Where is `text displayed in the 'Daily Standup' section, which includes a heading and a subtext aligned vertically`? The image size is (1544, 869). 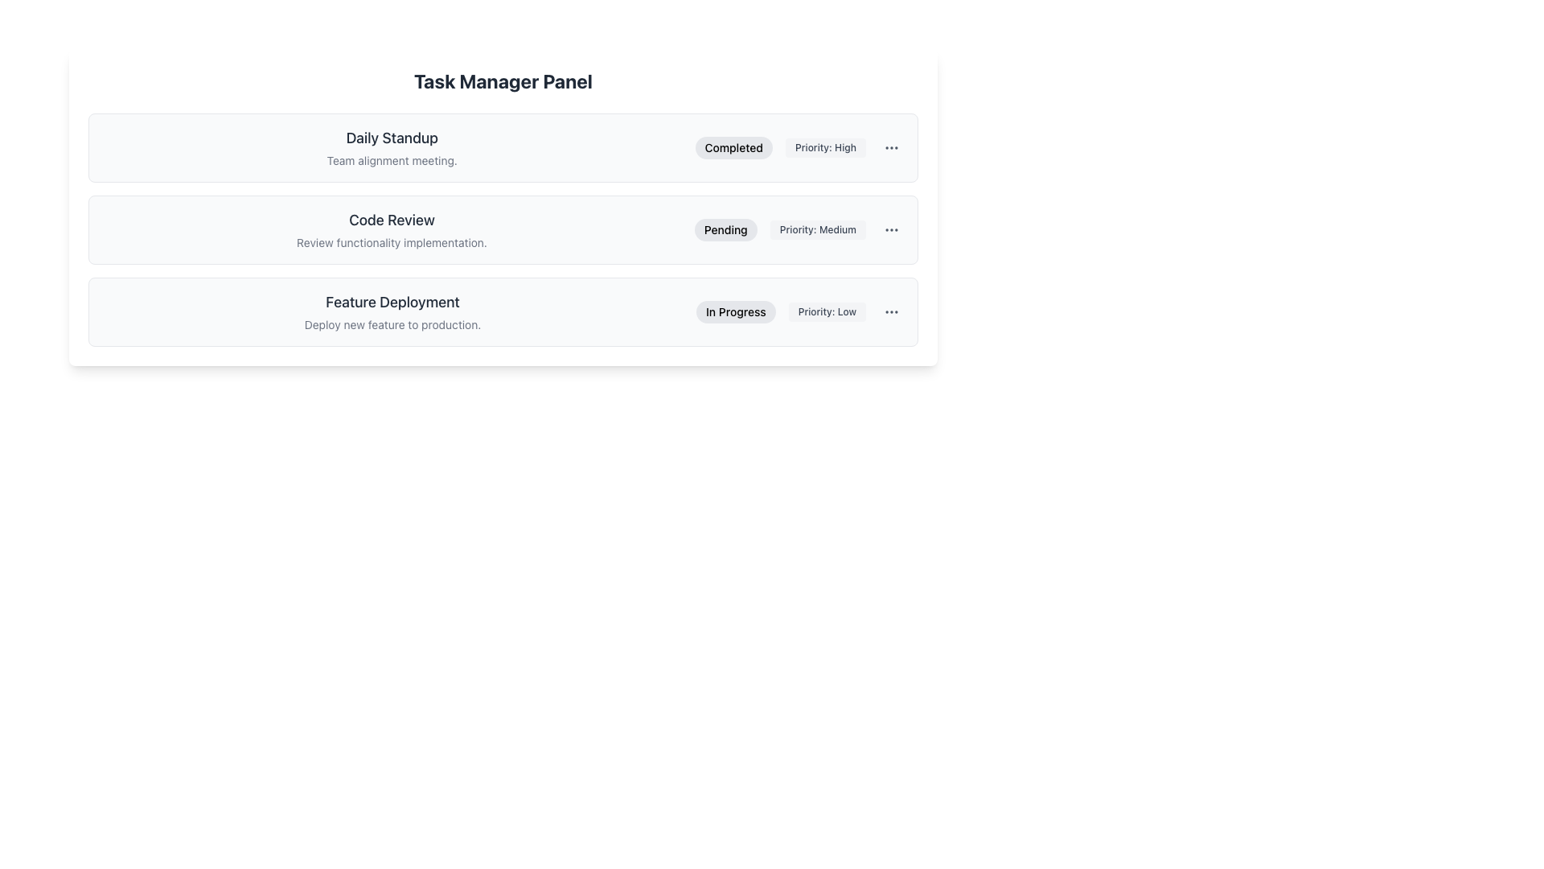
text displayed in the 'Daily Standup' section, which includes a heading and a subtext aligned vertically is located at coordinates (392, 148).